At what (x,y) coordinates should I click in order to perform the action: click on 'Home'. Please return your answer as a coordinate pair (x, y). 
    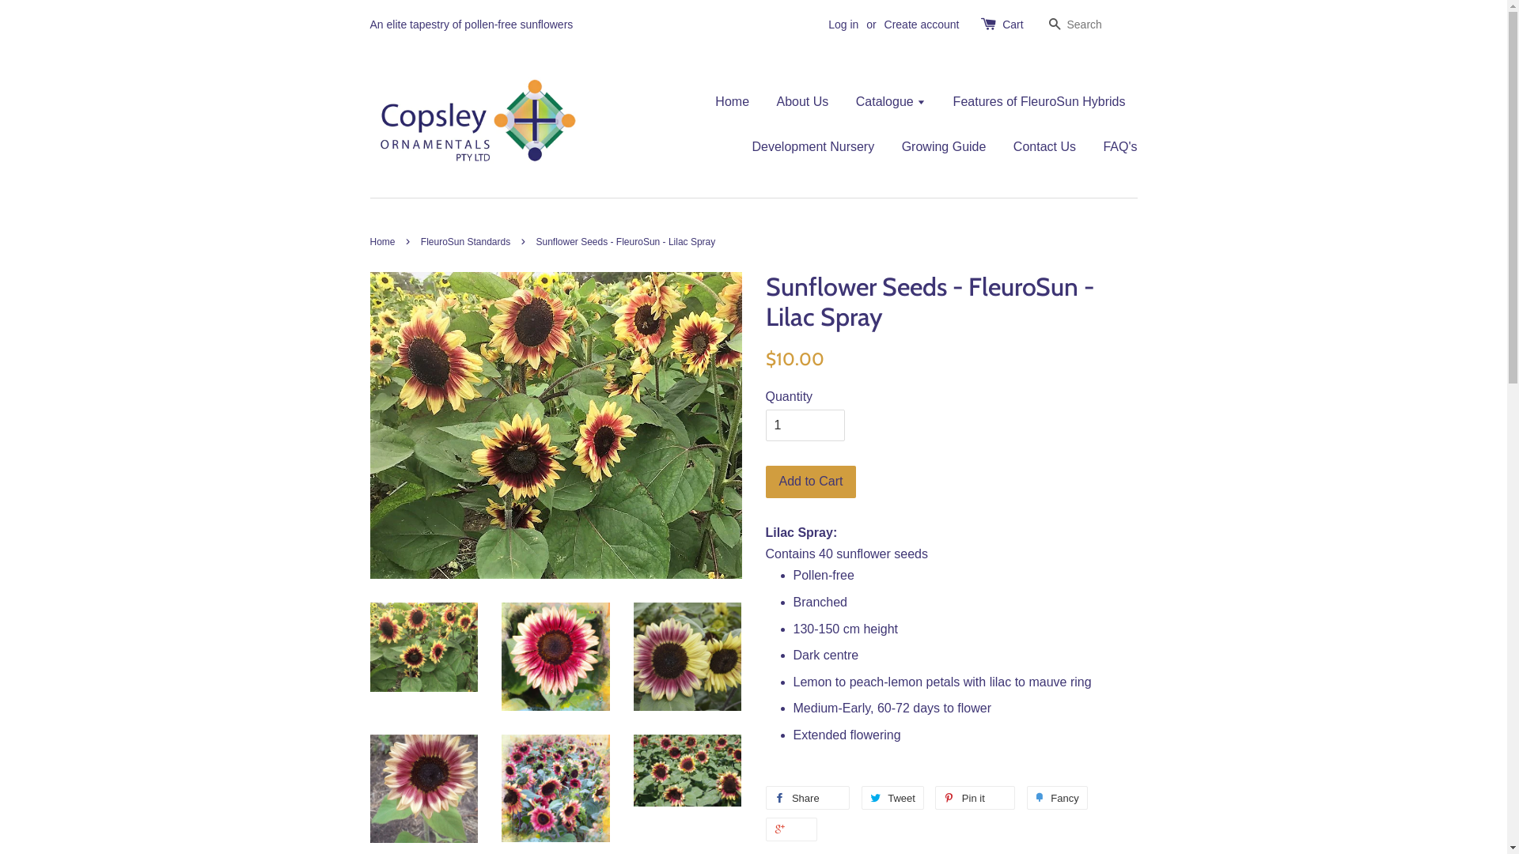
    Looking at the image, I should click on (384, 241).